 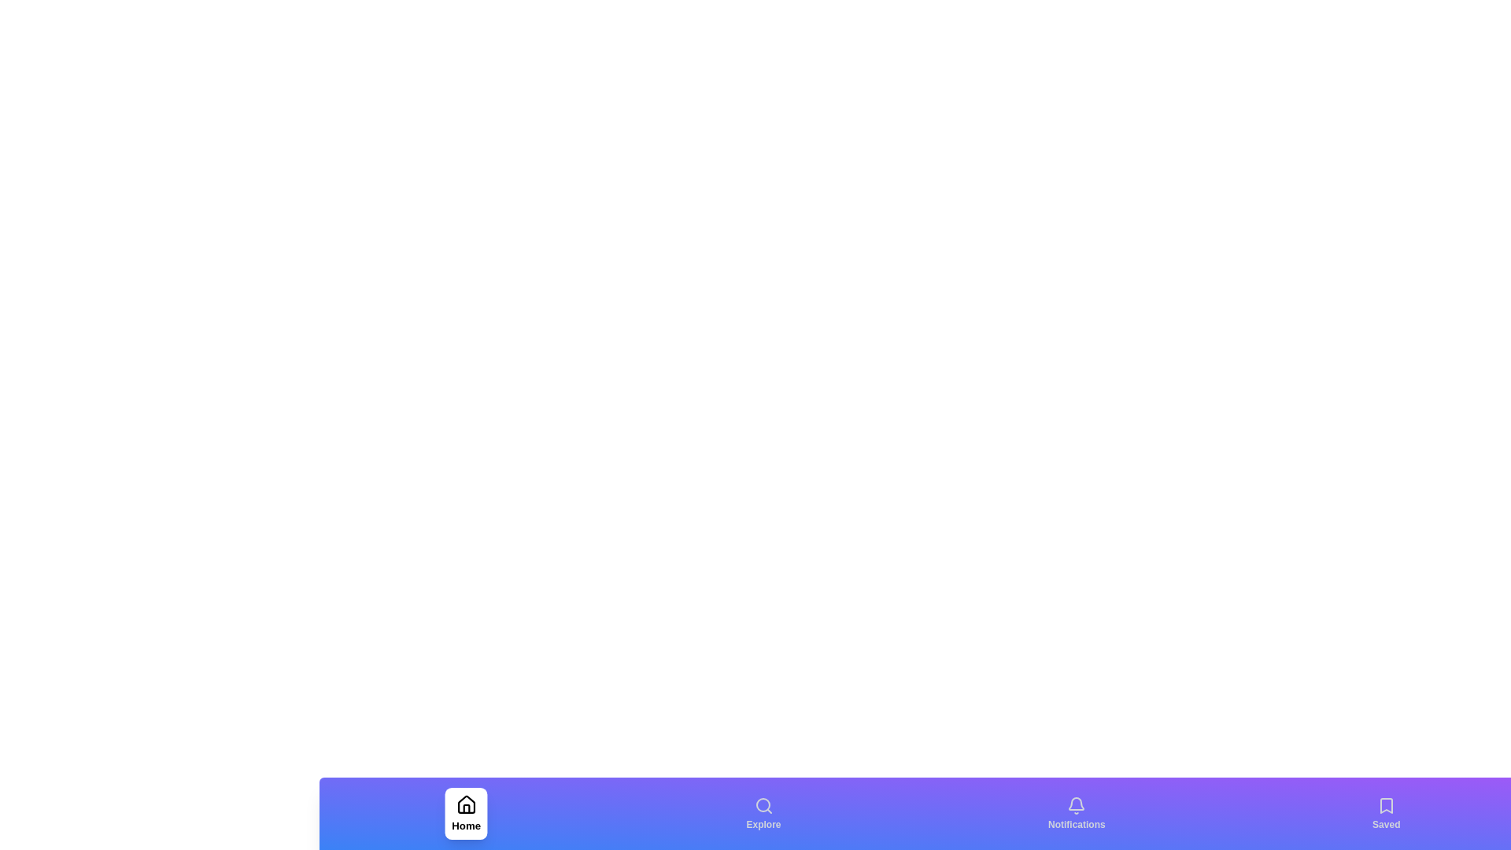 What do you see at coordinates (1076, 813) in the screenshot?
I see `the Notifications tab by clicking the corresponding button` at bounding box center [1076, 813].